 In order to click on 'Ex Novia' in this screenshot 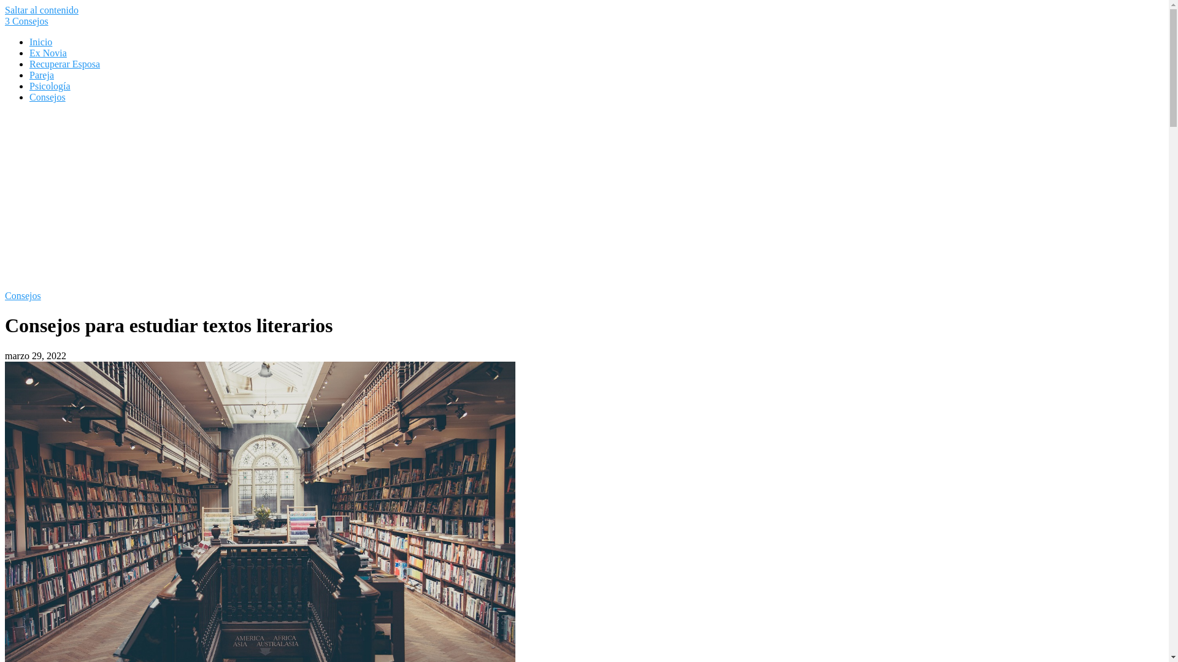, I will do `click(29, 52)`.